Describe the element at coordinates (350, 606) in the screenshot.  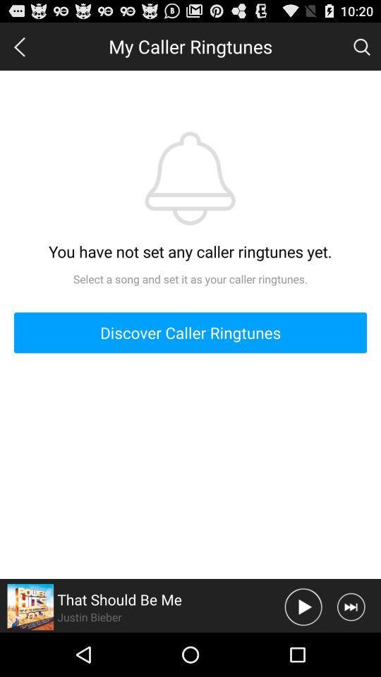
I see `fast forward` at that location.